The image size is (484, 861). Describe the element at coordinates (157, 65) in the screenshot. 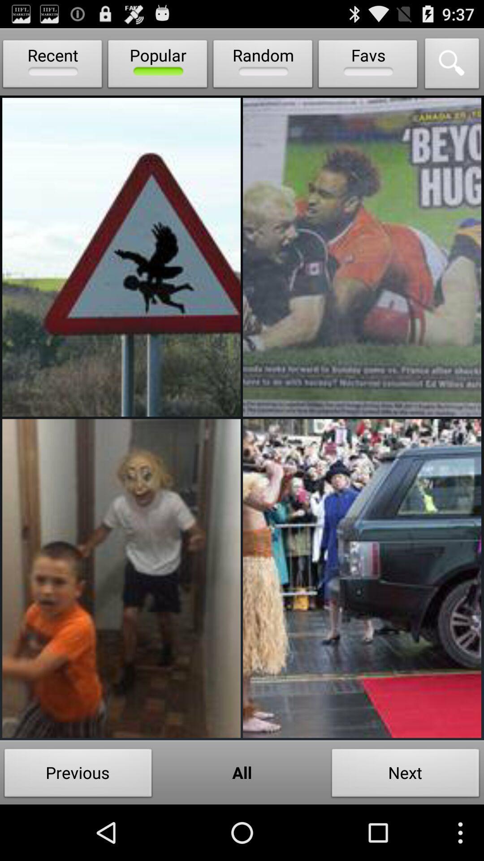

I see `the item next to the random item` at that location.